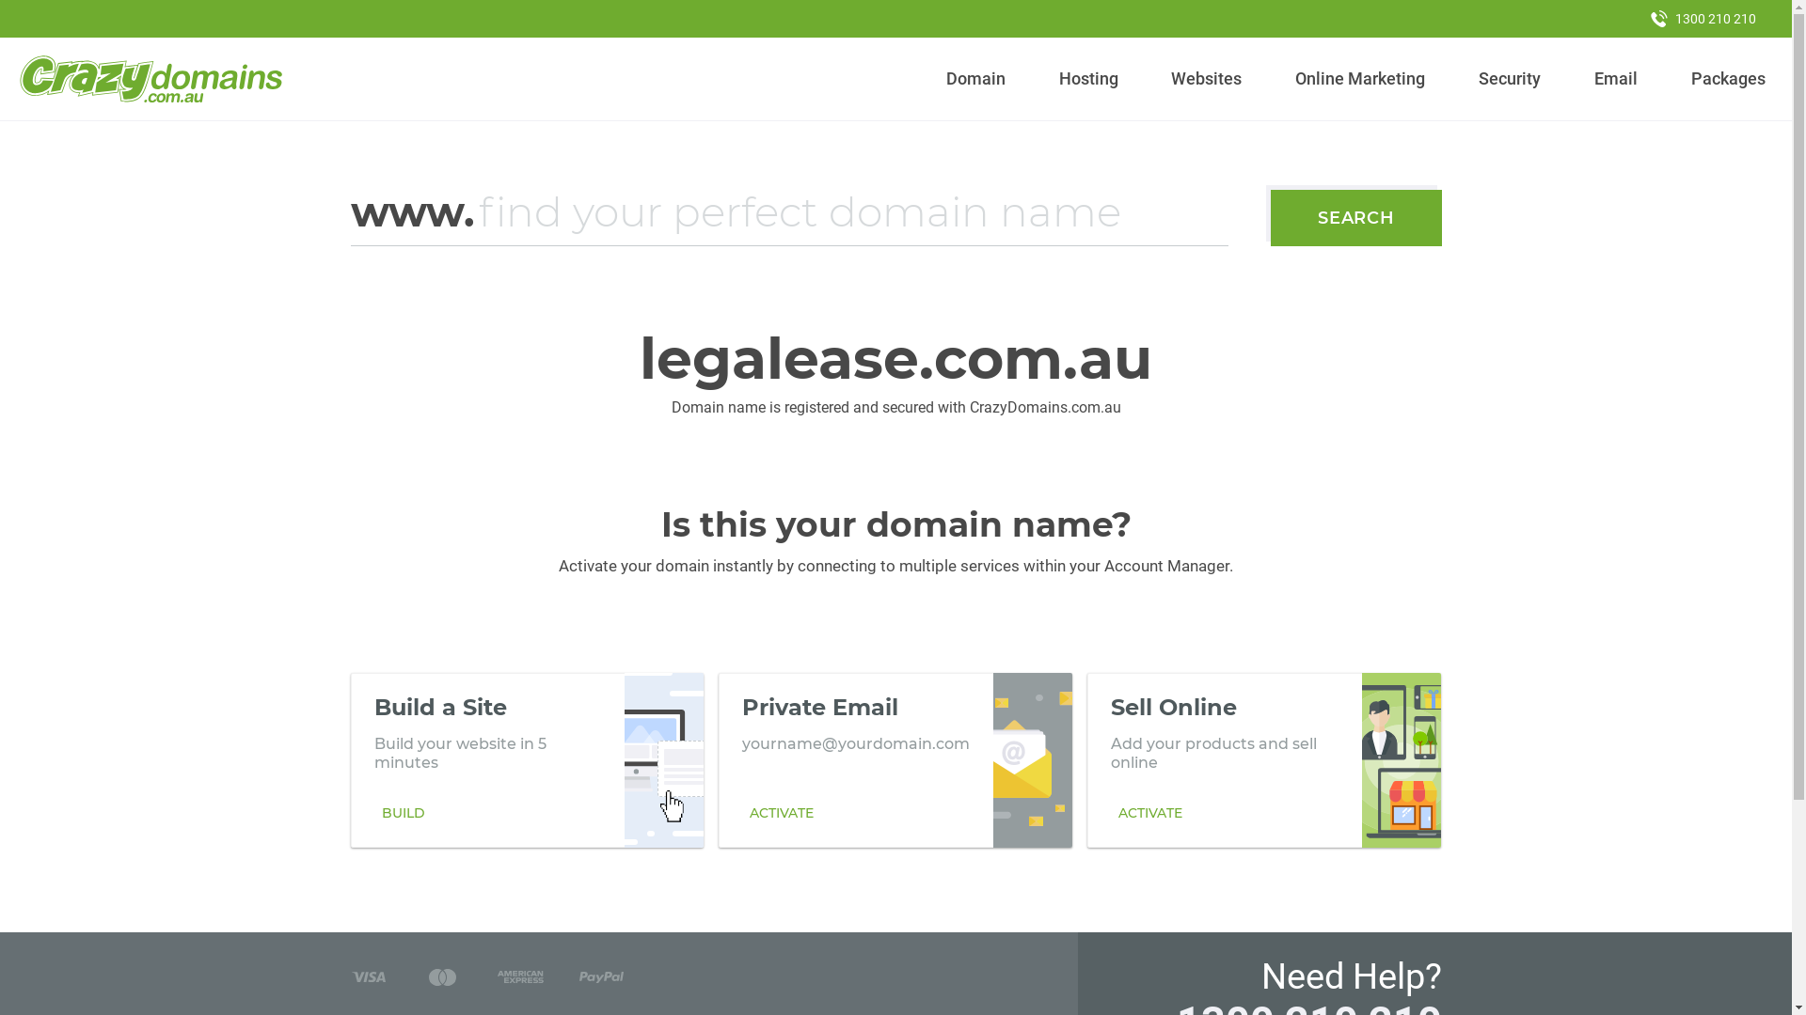 The width and height of the screenshot is (1806, 1015). What do you see at coordinates (1728, 78) in the screenshot?
I see `'Packages'` at bounding box center [1728, 78].